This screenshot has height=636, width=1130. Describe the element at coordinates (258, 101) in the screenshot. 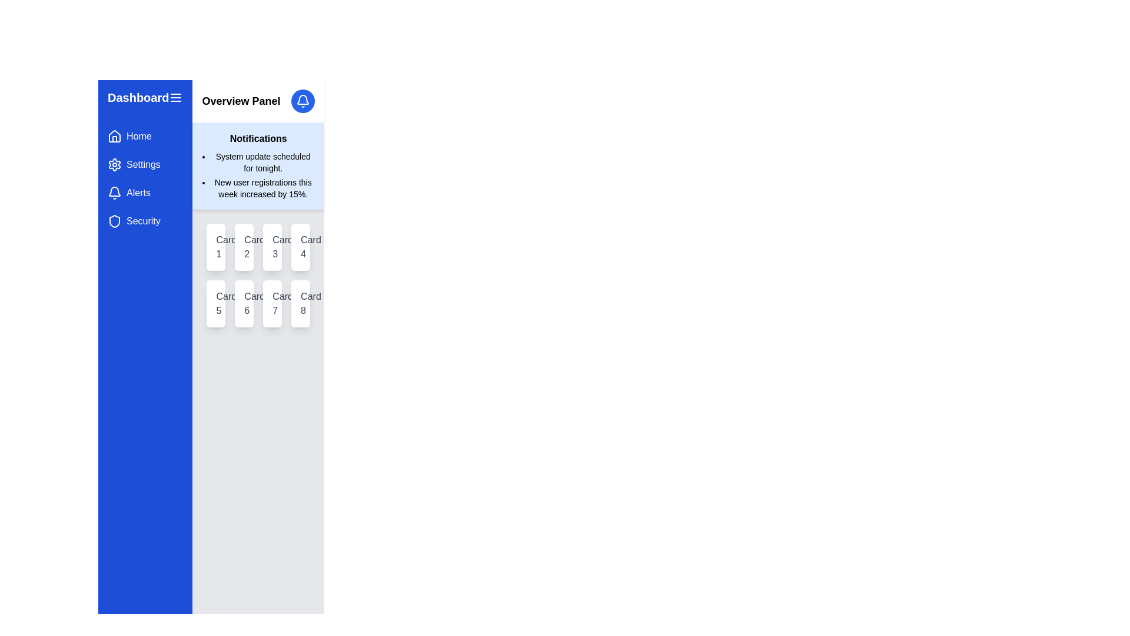

I see `the 'Overview Panel' header text to indicate focus` at that location.